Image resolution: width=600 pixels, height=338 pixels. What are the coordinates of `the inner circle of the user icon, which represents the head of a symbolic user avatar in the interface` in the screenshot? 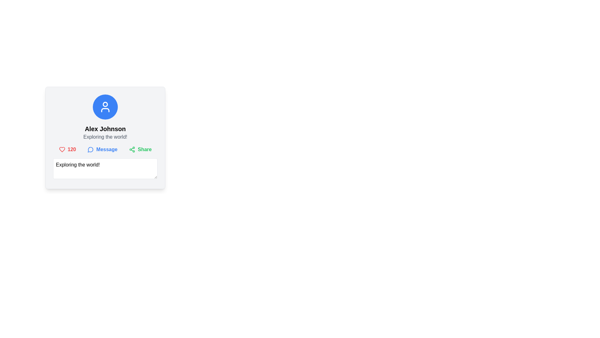 It's located at (105, 104).